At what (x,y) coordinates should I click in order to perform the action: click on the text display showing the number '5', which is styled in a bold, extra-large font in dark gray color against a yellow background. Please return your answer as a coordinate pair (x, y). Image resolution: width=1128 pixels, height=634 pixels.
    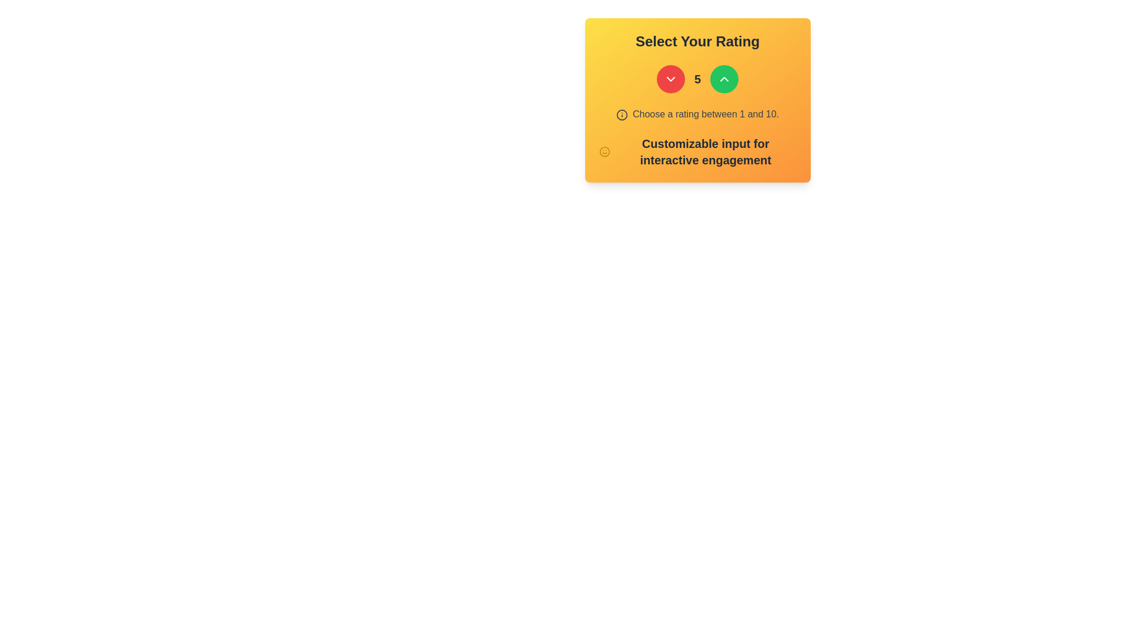
    Looking at the image, I should click on (697, 79).